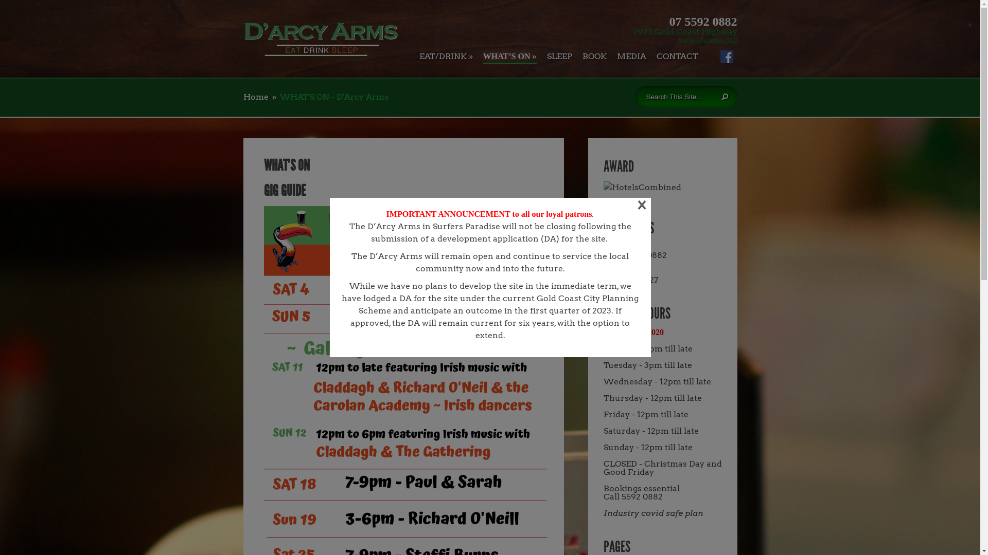 Image resolution: width=988 pixels, height=555 pixels. Describe the element at coordinates (632, 31) in the screenshot. I see `'2923 Gold Coast Highway'` at that location.